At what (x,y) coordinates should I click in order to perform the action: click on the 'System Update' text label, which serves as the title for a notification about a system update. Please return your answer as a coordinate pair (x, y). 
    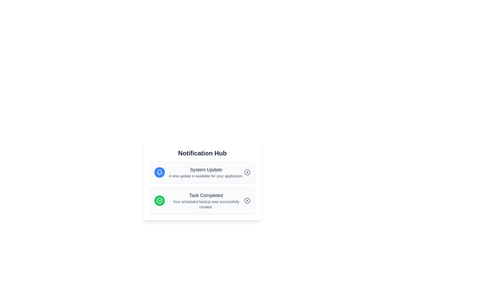
    Looking at the image, I should click on (206, 170).